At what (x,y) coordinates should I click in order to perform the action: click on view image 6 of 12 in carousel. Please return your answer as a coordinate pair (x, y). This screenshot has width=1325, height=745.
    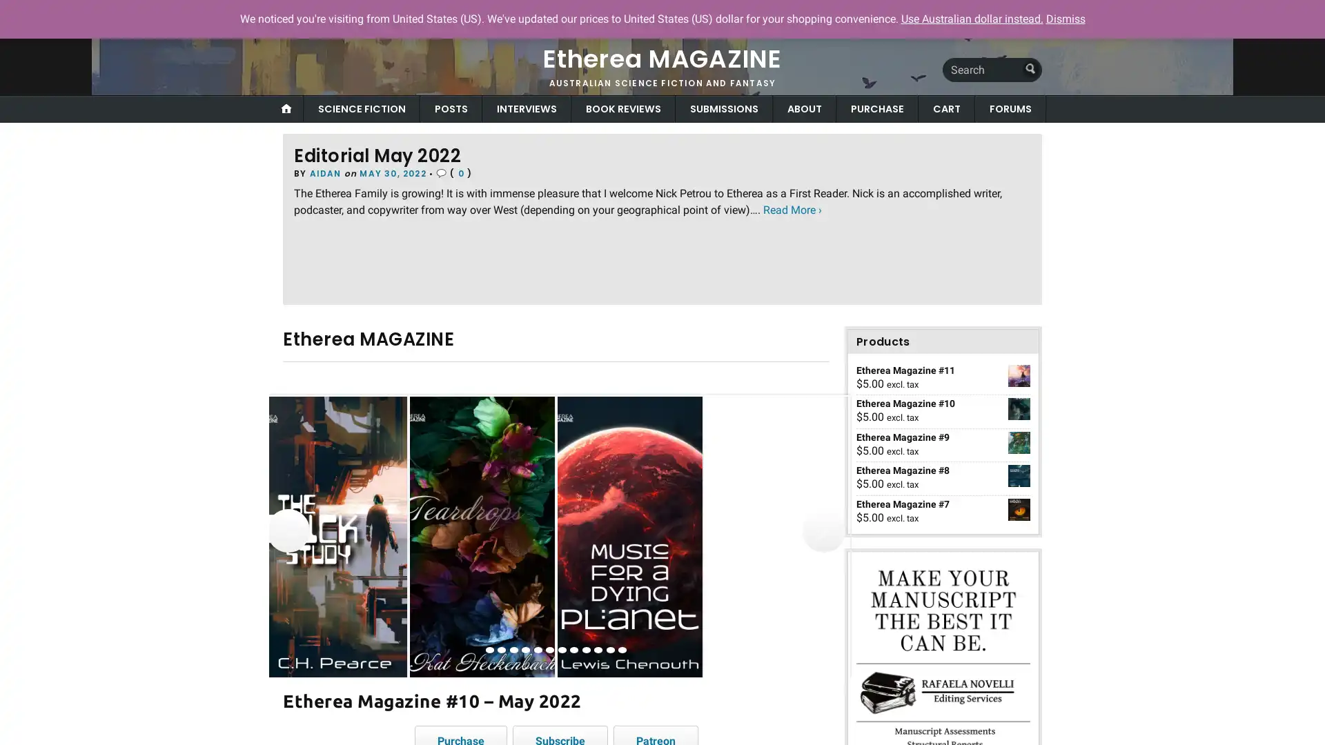
    Looking at the image, I should click on (549, 649).